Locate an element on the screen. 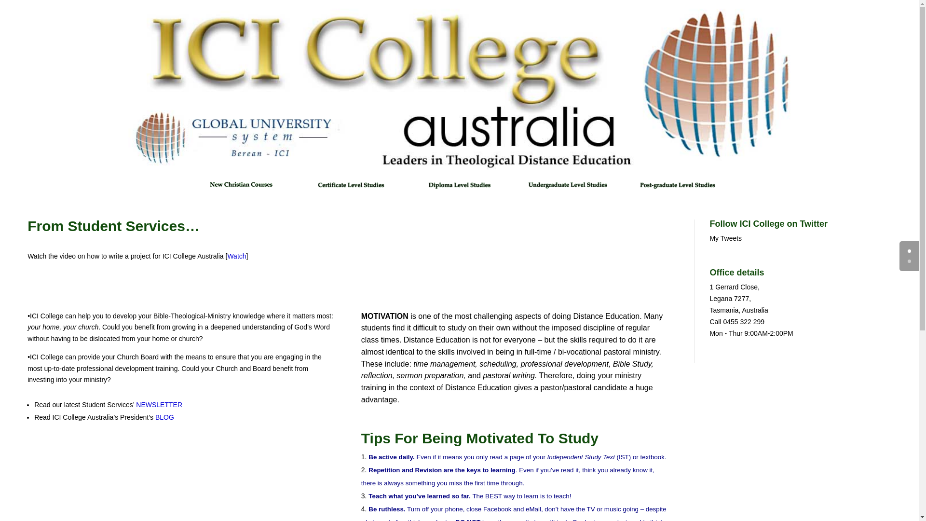 This screenshot has height=521, width=926. 'Watch' is located at coordinates (226, 256).